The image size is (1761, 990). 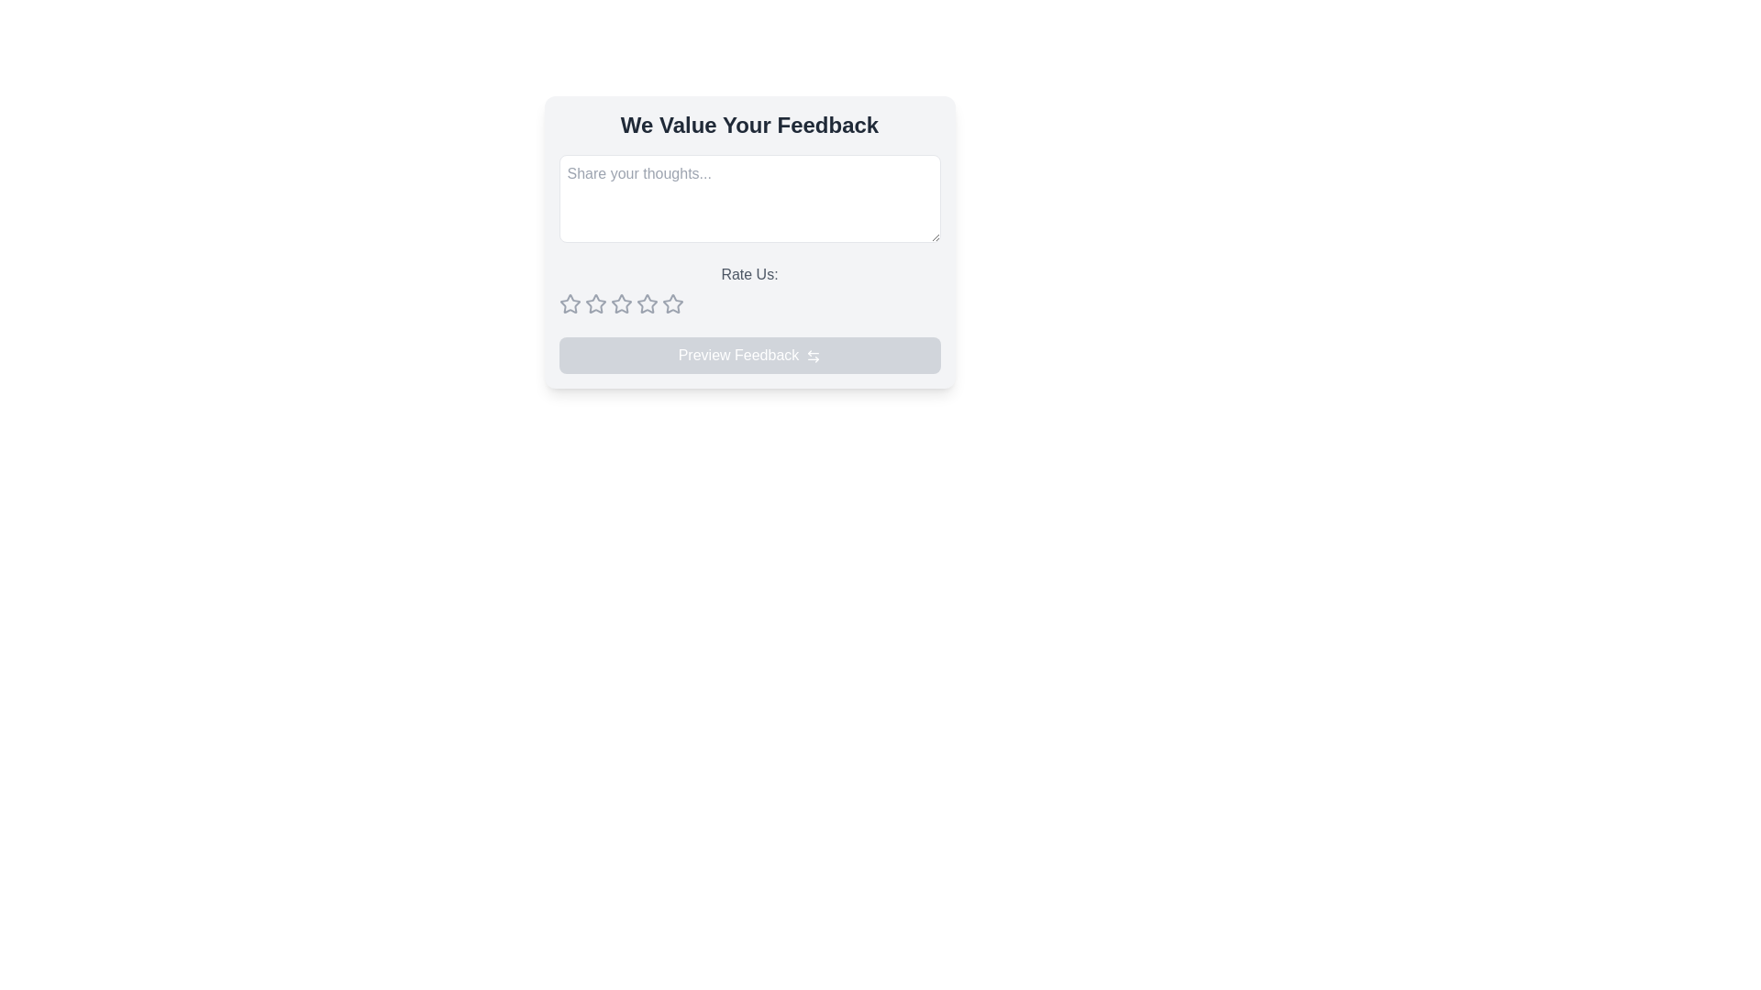 What do you see at coordinates (647, 302) in the screenshot?
I see `the third star-shaped rating icon with a hollow outline and gray color in the 'Rate Us:' section of the feedback form` at bounding box center [647, 302].